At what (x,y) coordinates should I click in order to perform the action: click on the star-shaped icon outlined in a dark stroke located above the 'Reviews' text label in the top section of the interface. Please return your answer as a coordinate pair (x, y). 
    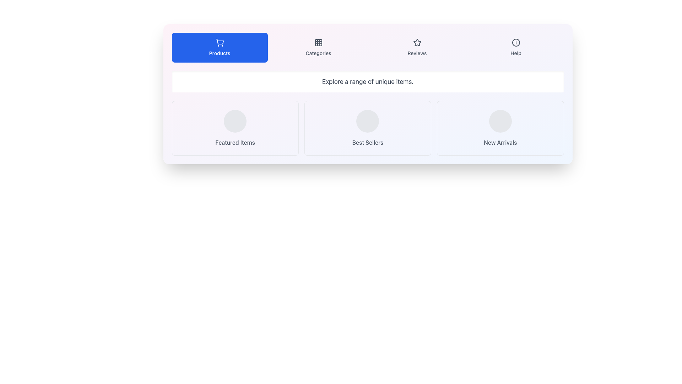
    Looking at the image, I should click on (417, 42).